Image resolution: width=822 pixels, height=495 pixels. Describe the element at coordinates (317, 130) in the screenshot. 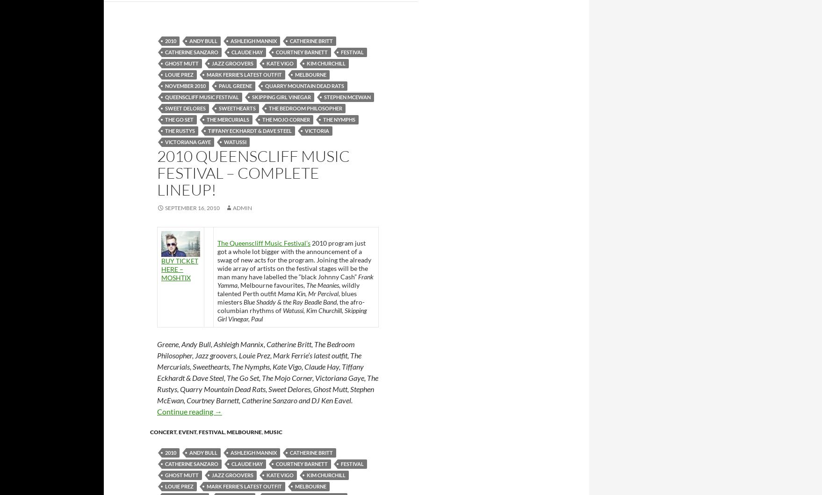

I see `'victoria'` at that location.